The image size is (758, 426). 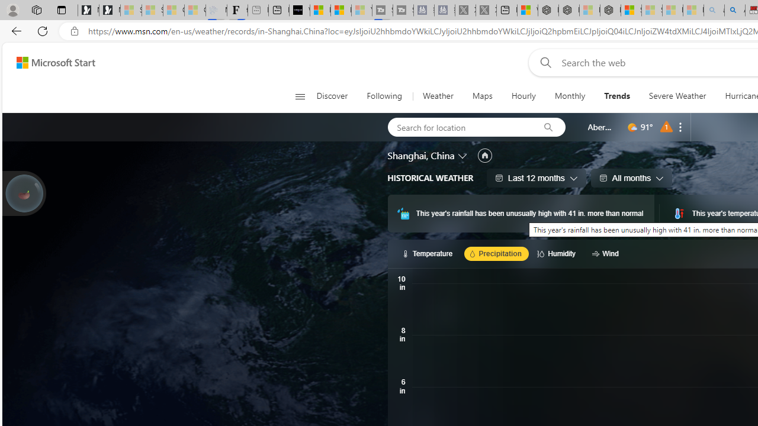 I want to click on 'Humidity', so click(x=557, y=253).